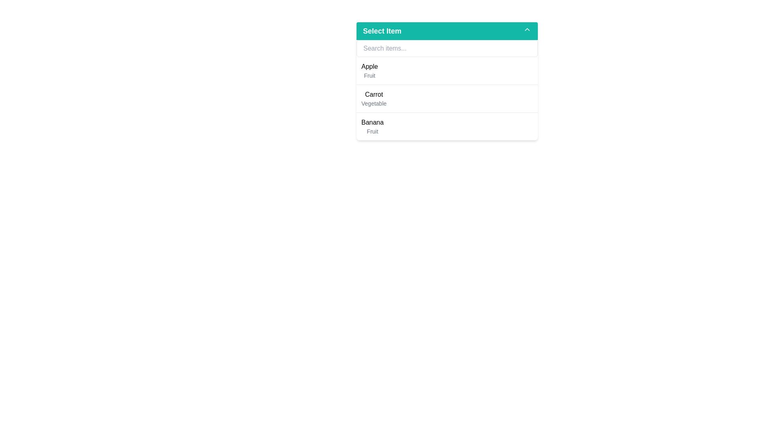 Image resolution: width=777 pixels, height=437 pixels. Describe the element at coordinates (446, 70) in the screenshot. I see `the first selectable option in the dropdown list, located directly below the search bar` at that location.